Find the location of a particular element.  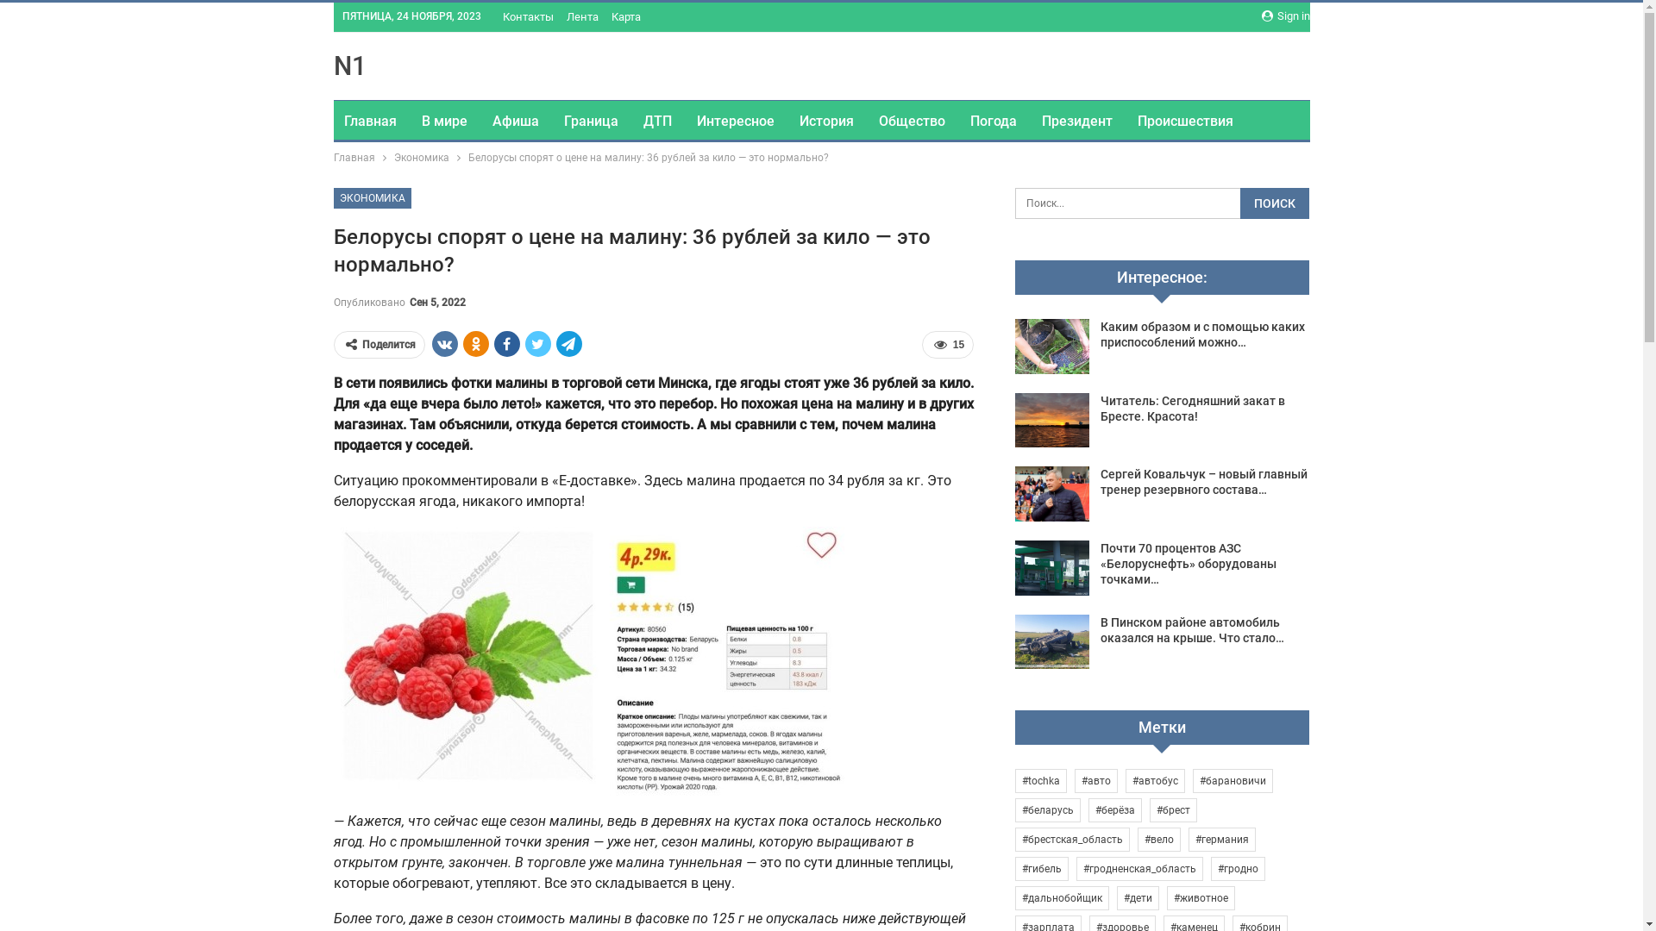

'N1' is located at coordinates (348, 65).